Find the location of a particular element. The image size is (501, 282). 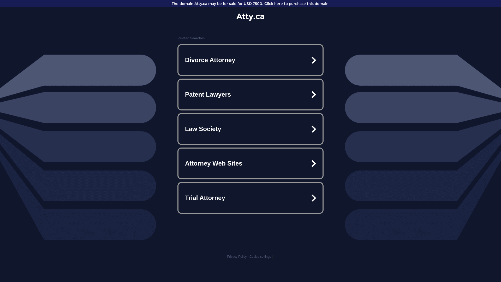

'Divorce Attorney' is located at coordinates (250, 60).